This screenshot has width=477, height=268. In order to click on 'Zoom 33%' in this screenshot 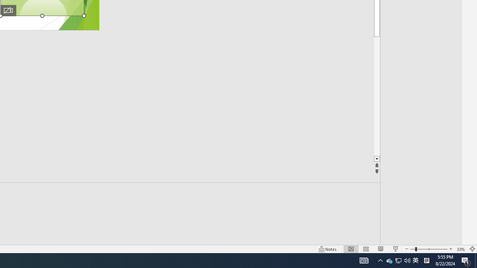, I will do `click(461, 249)`.